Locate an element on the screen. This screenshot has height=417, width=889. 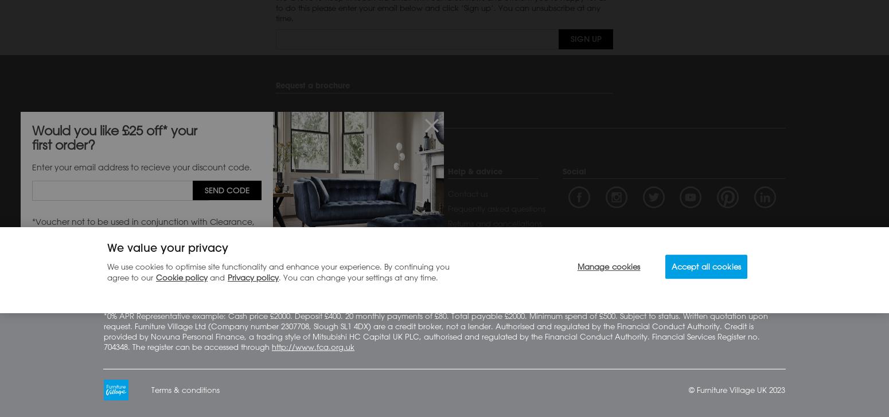
'Inspiration' is located at coordinates (239, 170).